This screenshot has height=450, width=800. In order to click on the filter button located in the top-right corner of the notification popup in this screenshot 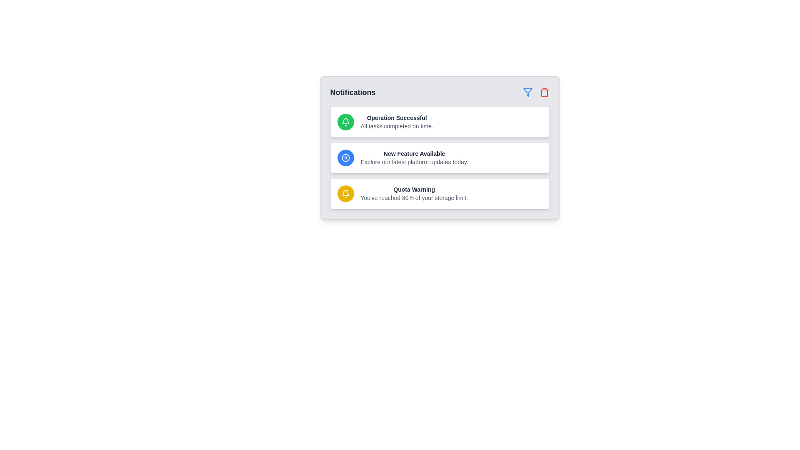, I will do `click(527, 92)`.